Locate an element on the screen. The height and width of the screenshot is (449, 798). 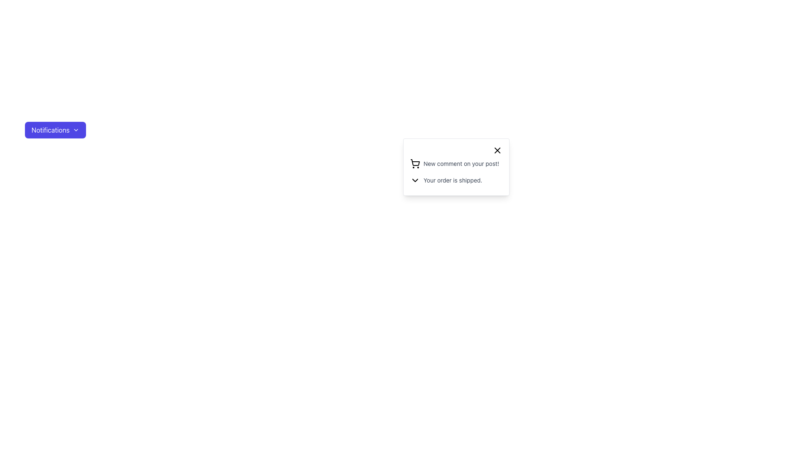
the close button represented by an 'X' shape located in the upper-right corner of the notification card is located at coordinates (497, 150).